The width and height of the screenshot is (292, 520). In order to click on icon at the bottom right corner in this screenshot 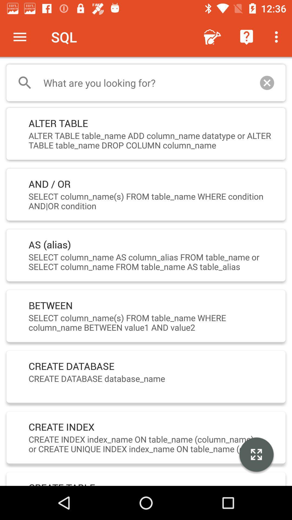, I will do `click(256, 455)`.